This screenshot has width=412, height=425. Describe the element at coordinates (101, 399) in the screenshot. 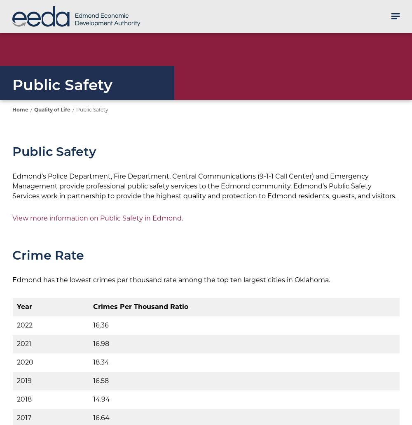

I see `'14.94'` at that location.